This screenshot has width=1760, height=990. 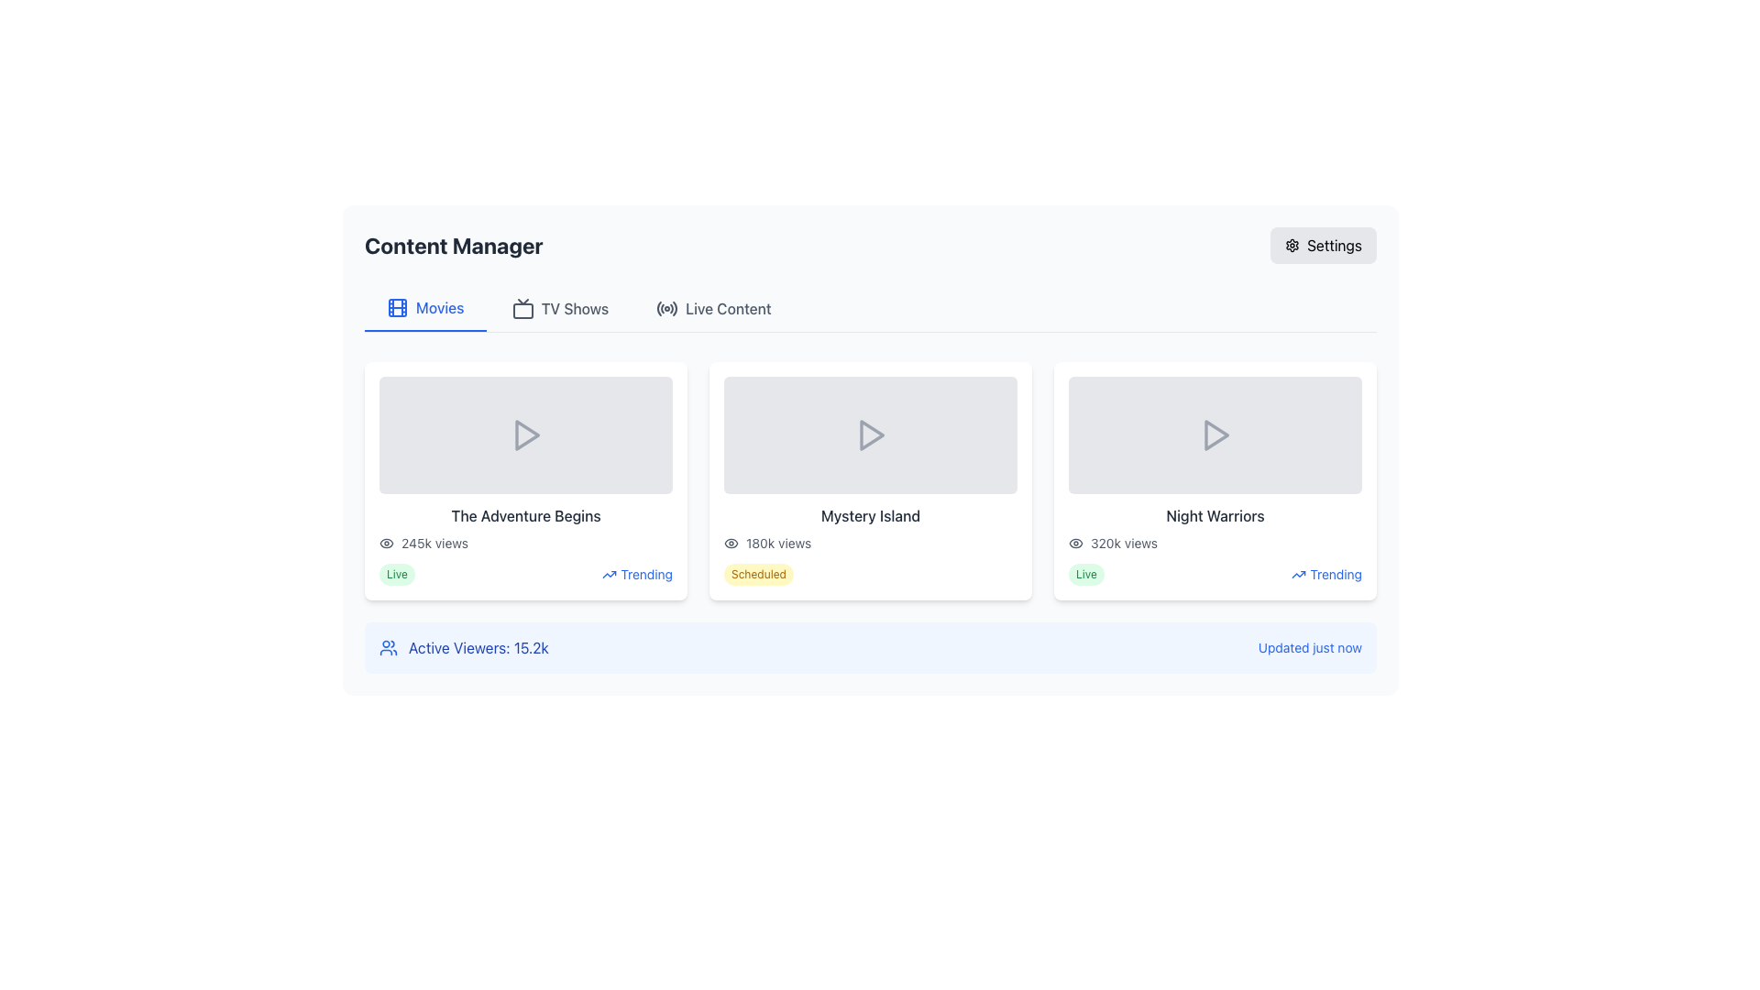 What do you see at coordinates (559, 307) in the screenshot?
I see `the 'TV Shows' tab button in the navigation bar` at bounding box center [559, 307].